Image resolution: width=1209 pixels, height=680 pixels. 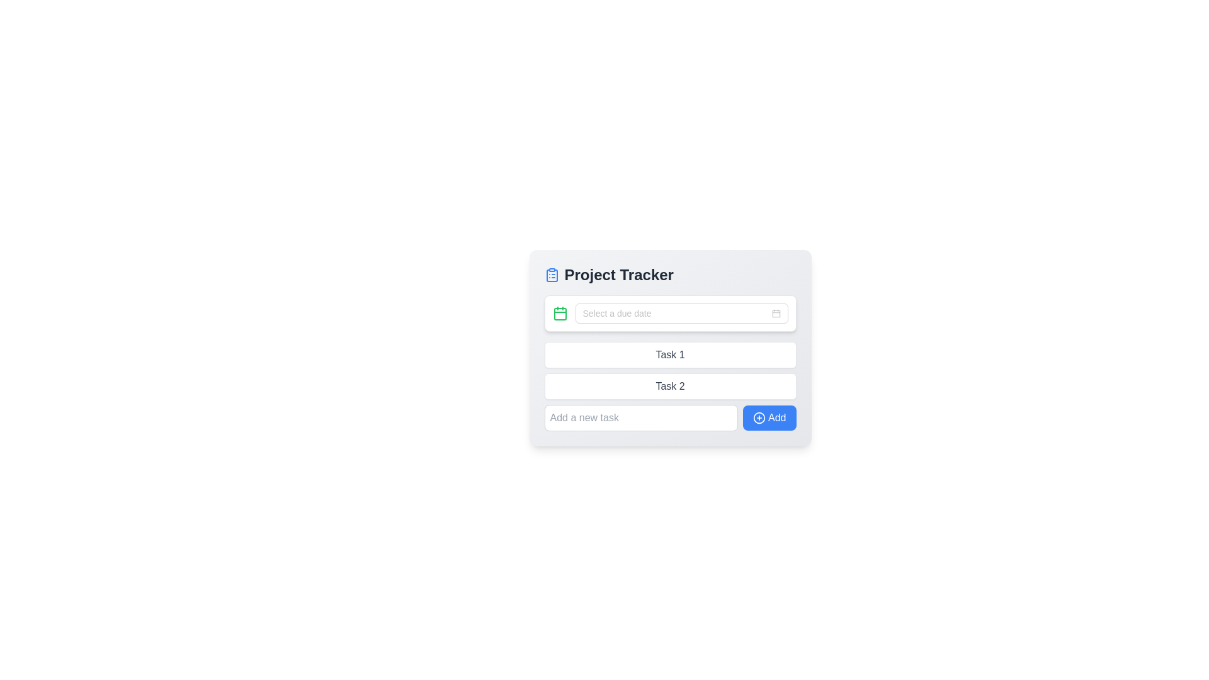 What do you see at coordinates (681, 312) in the screenshot?
I see `the Date picker input field labeled 'Select a due date' in the 'Project Tracker' interface to focus the input field` at bounding box center [681, 312].